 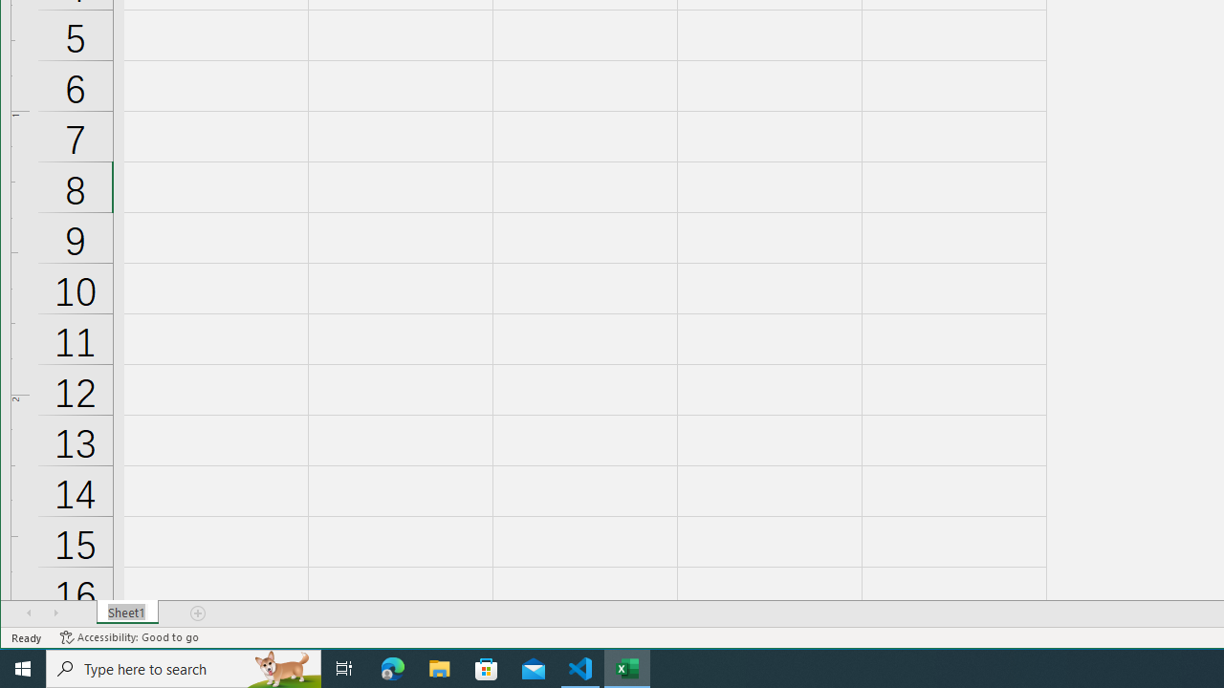 What do you see at coordinates (23, 667) in the screenshot?
I see `'Start'` at bounding box center [23, 667].